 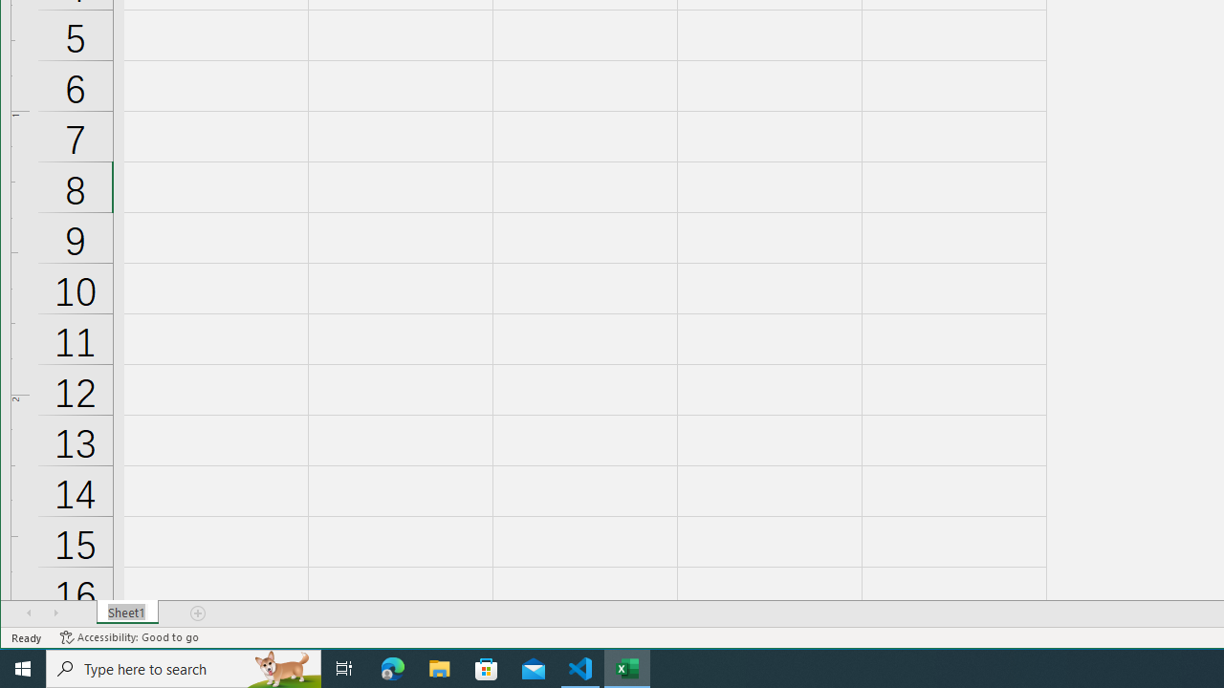 What do you see at coordinates (23, 667) in the screenshot?
I see `'Start'` at bounding box center [23, 667].